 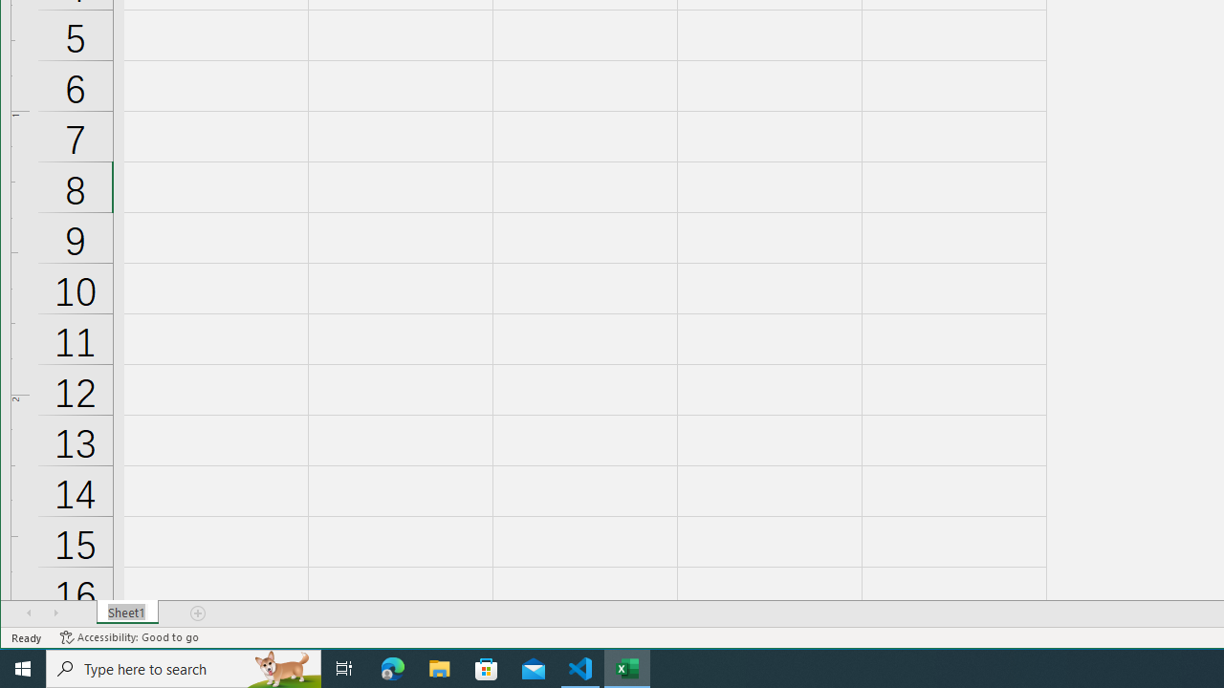 What do you see at coordinates (23, 667) in the screenshot?
I see `'Start'` at bounding box center [23, 667].